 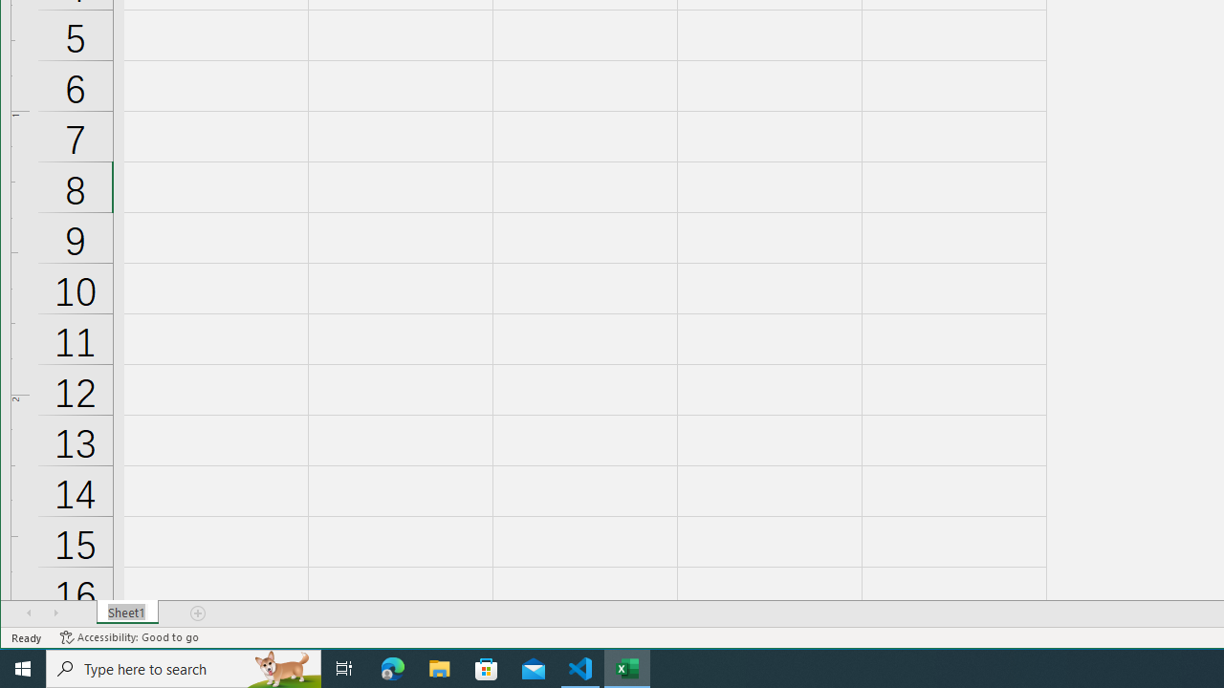 What do you see at coordinates (23, 667) in the screenshot?
I see `'Start'` at bounding box center [23, 667].